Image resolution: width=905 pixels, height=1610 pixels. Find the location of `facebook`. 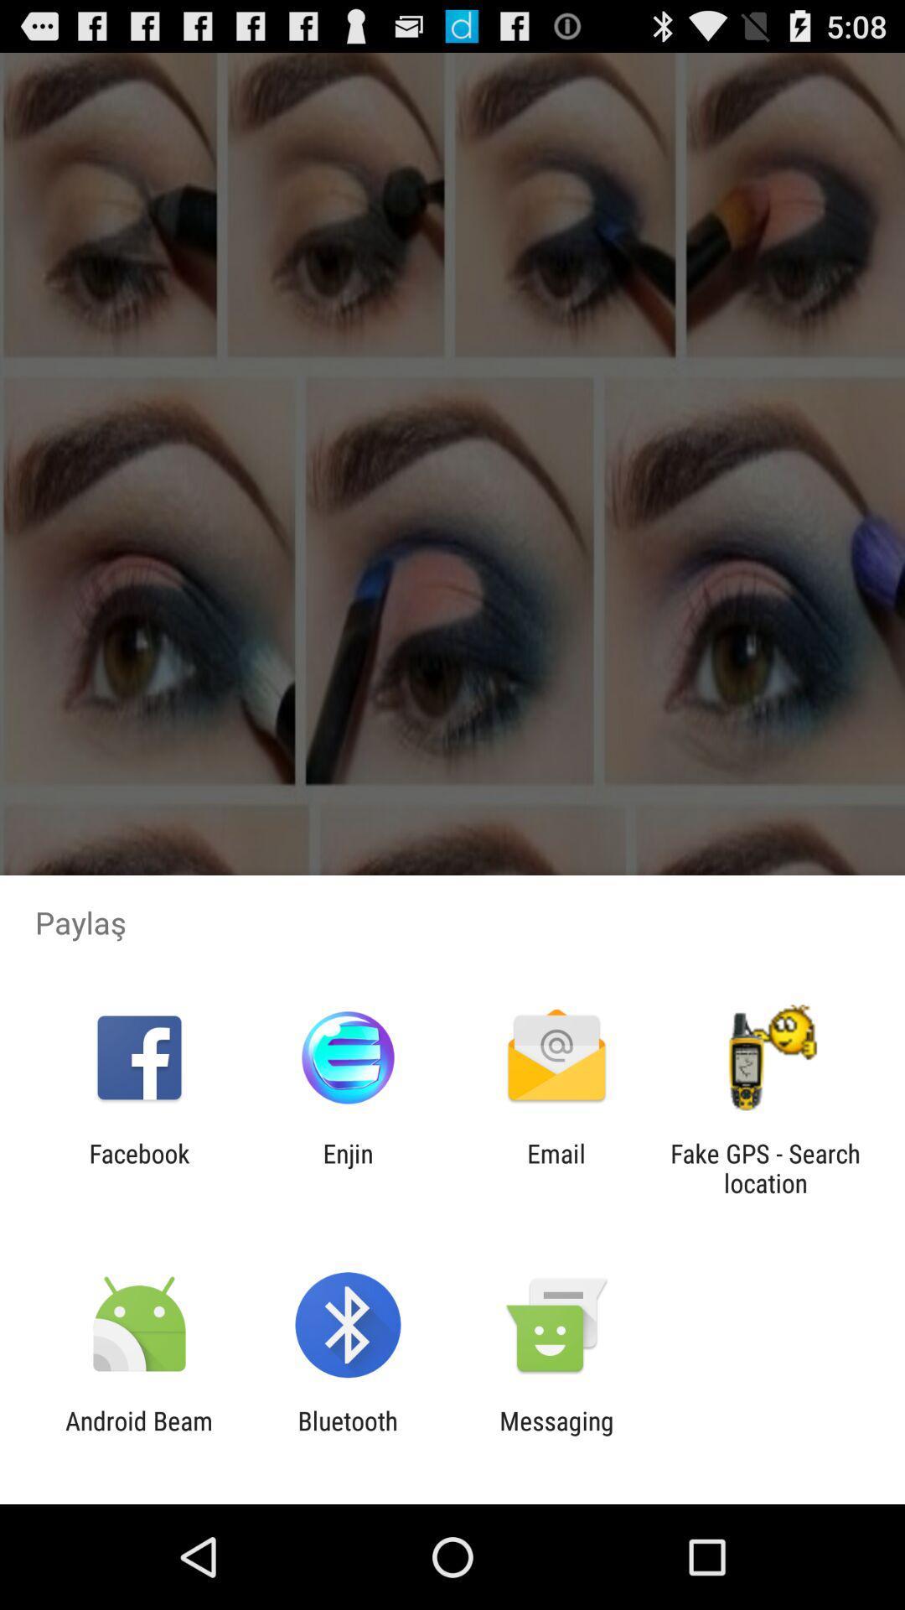

facebook is located at coordinates (138, 1167).